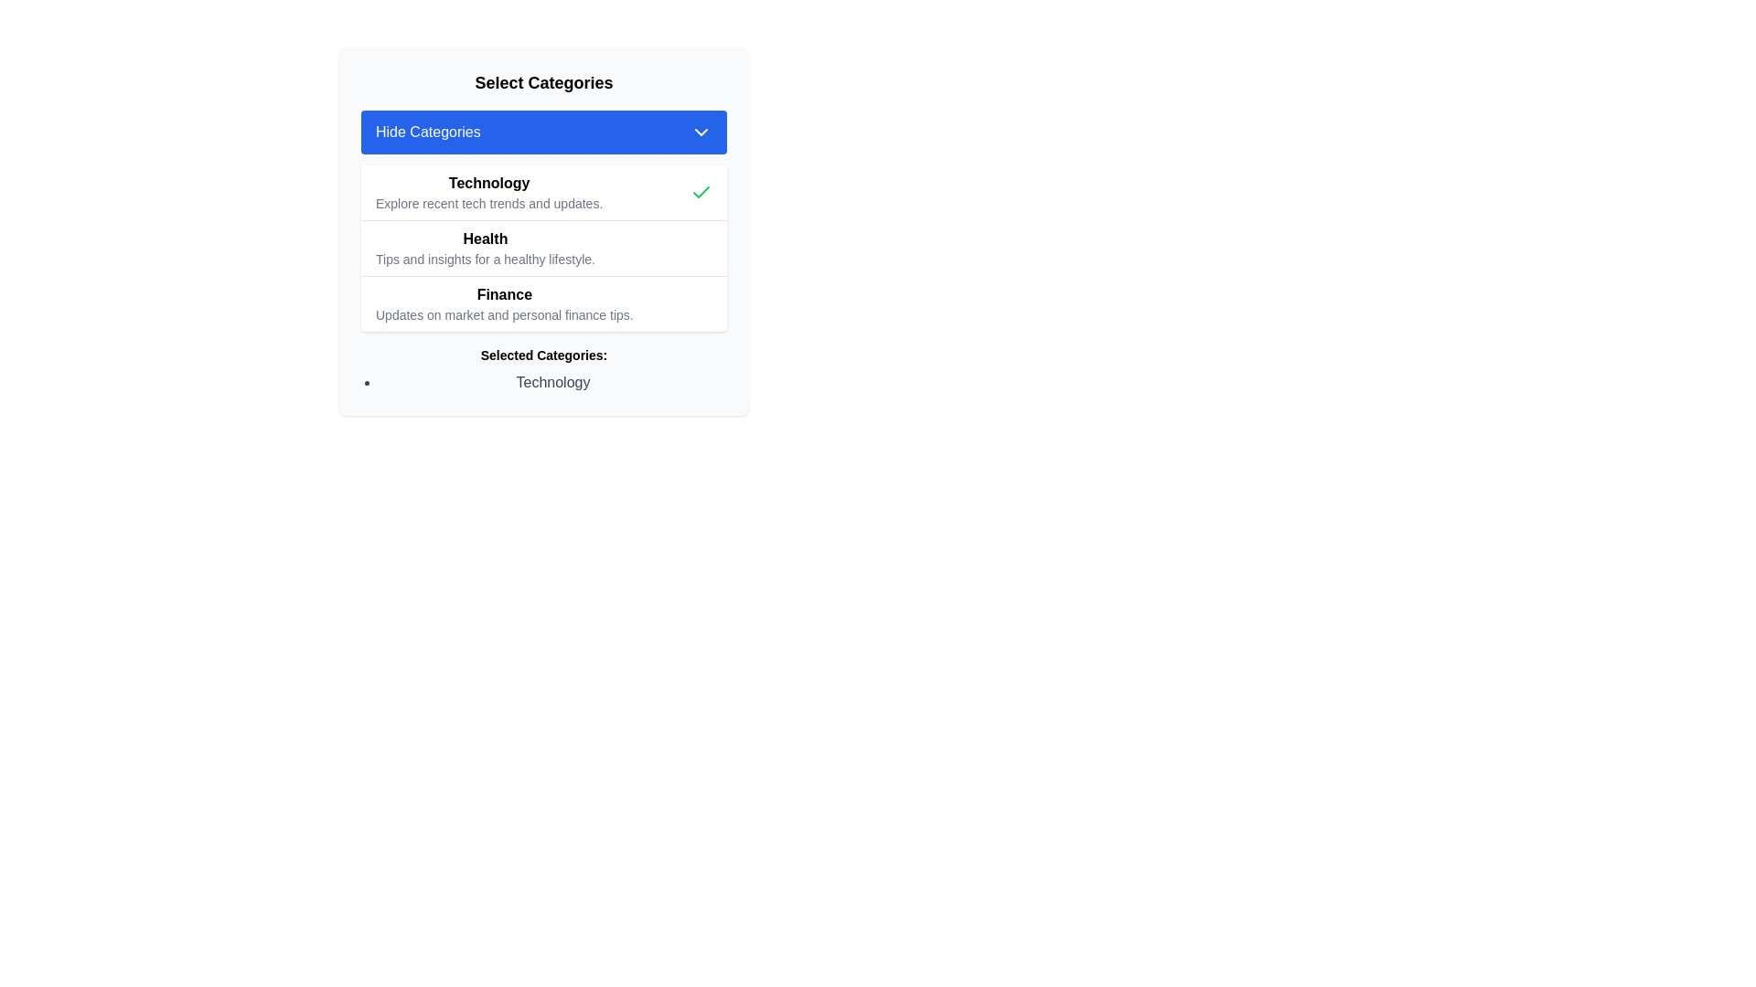 This screenshot has height=987, width=1756. I want to click on the static text label displaying 'Tips and insights for a healthy lifestyle.' located below the 'Health' heading, so click(485, 260).